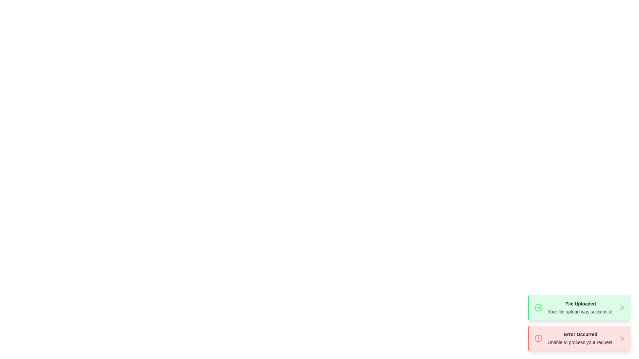 This screenshot has height=359, width=639. I want to click on the close button represented by a gray 'X' icon located in the top-right corner of the green notification box announcing 'File Uploaded', so click(622, 307).